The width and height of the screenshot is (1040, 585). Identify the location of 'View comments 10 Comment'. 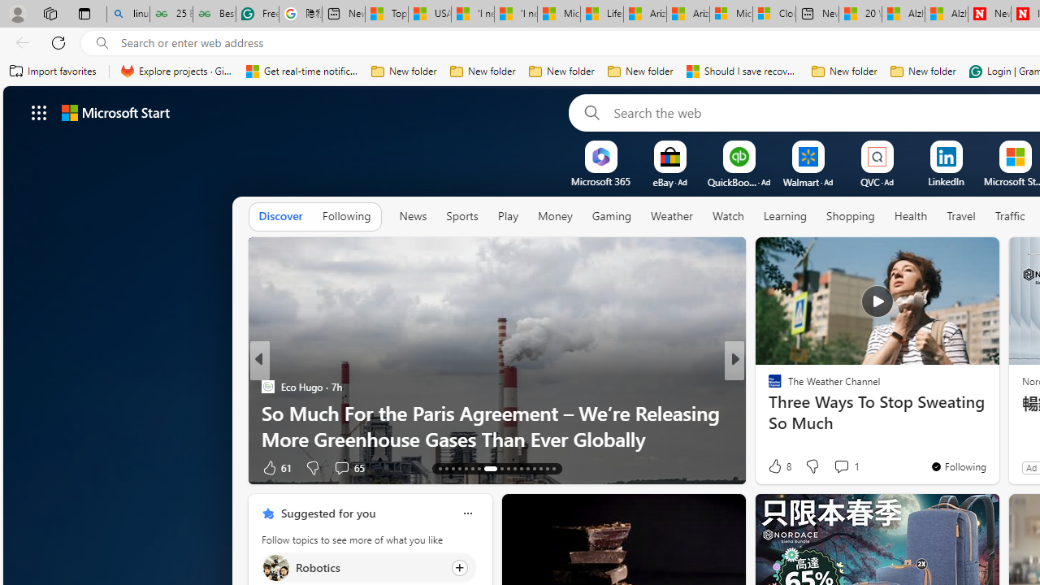
(846, 467).